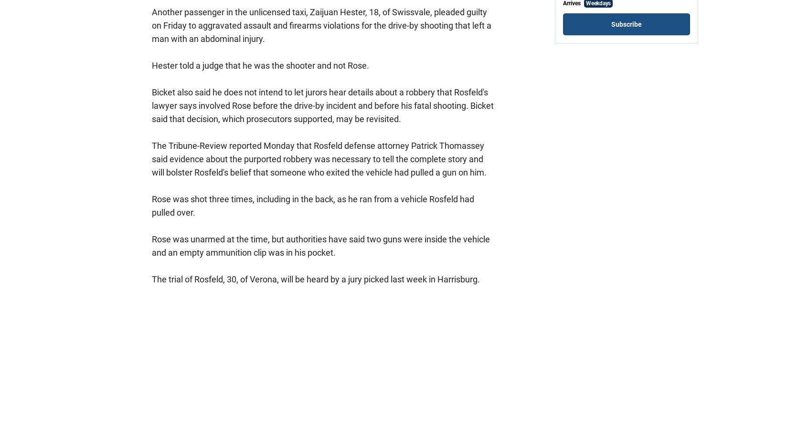  What do you see at coordinates (572, 3) in the screenshot?
I see `'Arrives'` at bounding box center [572, 3].